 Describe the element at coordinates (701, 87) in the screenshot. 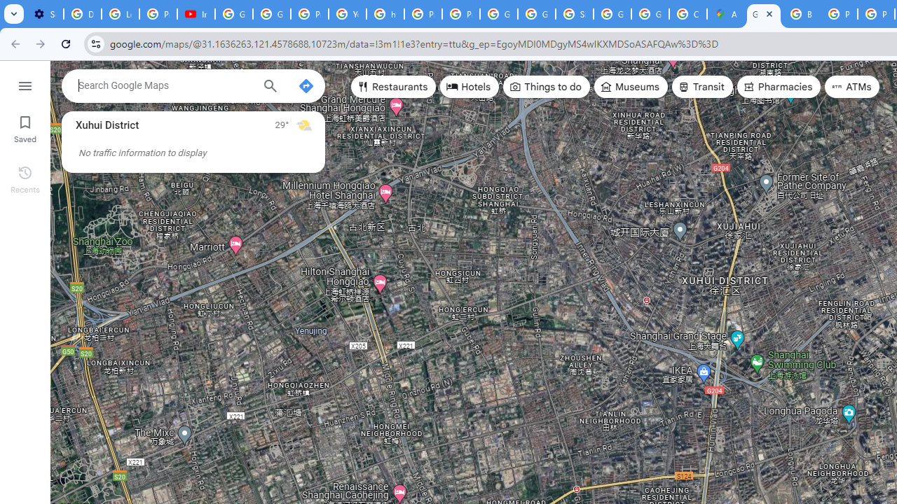

I see `'Transit'` at that location.